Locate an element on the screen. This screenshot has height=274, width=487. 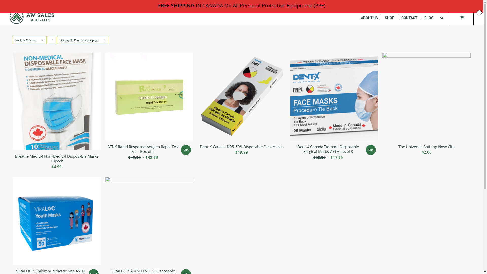
'The Universal Anti-fog Nose Clip is located at coordinates (426, 105).